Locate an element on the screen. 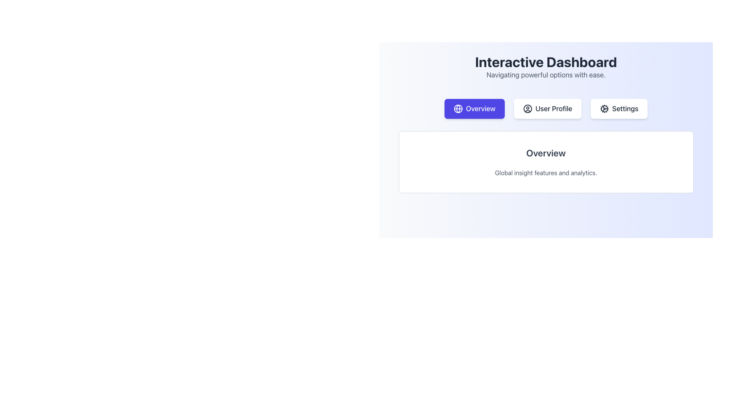  the text block displaying 'Global insight features and analytics.' which is styled in gray and located below the title 'Overview' is located at coordinates (545, 173).